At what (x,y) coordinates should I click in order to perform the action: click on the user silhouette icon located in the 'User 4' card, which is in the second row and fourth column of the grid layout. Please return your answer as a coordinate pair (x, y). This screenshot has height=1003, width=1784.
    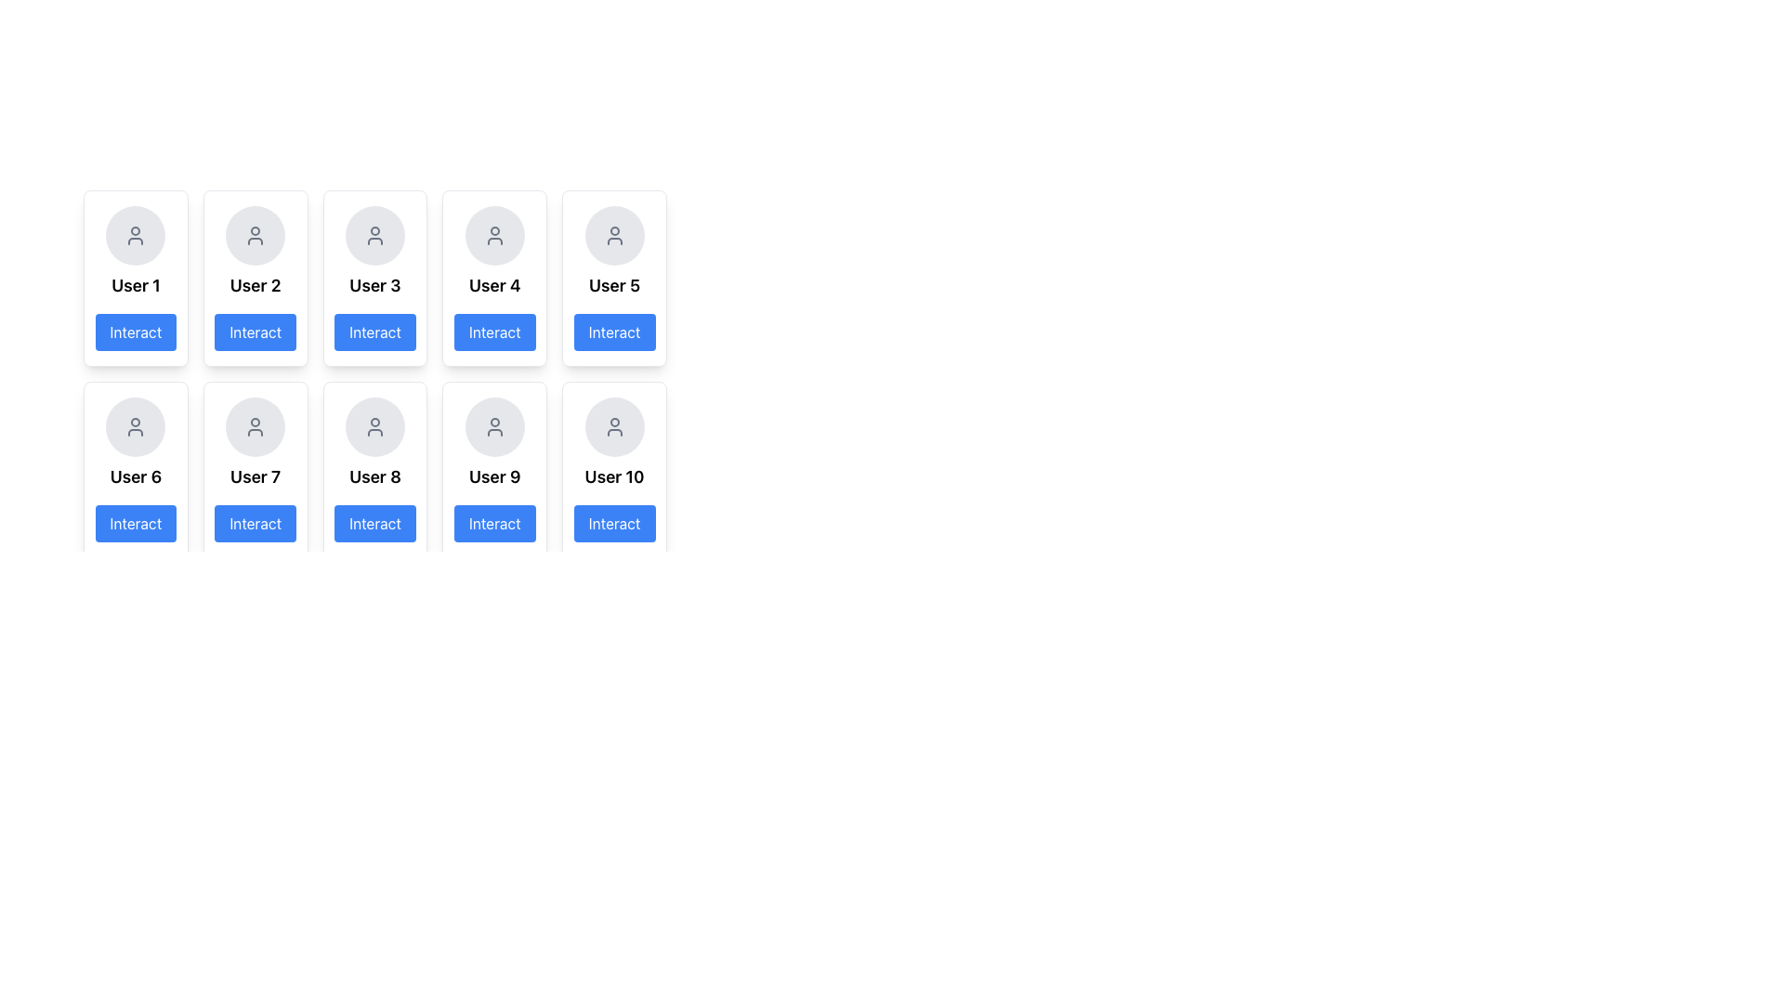
    Looking at the image, I should click on (494, 235).